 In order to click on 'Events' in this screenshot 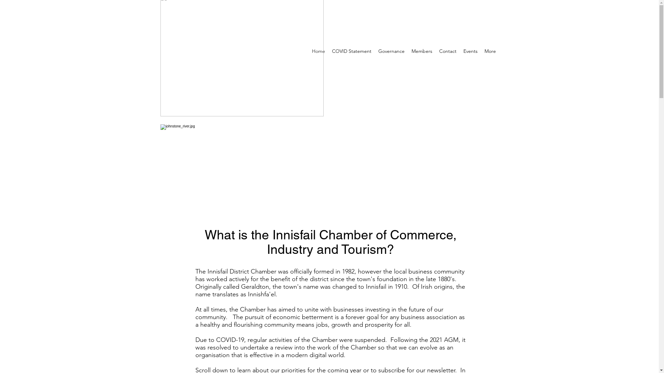, I will do `click(470, 51)`.